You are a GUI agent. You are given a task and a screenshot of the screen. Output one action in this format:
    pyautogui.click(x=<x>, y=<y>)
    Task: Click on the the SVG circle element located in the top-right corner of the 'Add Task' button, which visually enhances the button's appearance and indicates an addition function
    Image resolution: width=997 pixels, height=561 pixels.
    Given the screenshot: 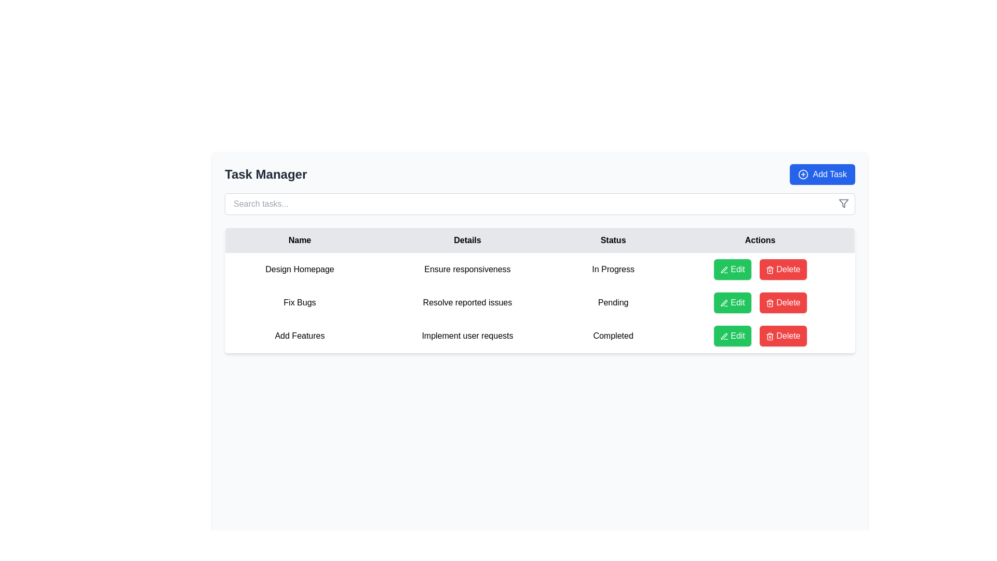 What is the action you would take?
    pyautogui.click(x=803, y=173)
    